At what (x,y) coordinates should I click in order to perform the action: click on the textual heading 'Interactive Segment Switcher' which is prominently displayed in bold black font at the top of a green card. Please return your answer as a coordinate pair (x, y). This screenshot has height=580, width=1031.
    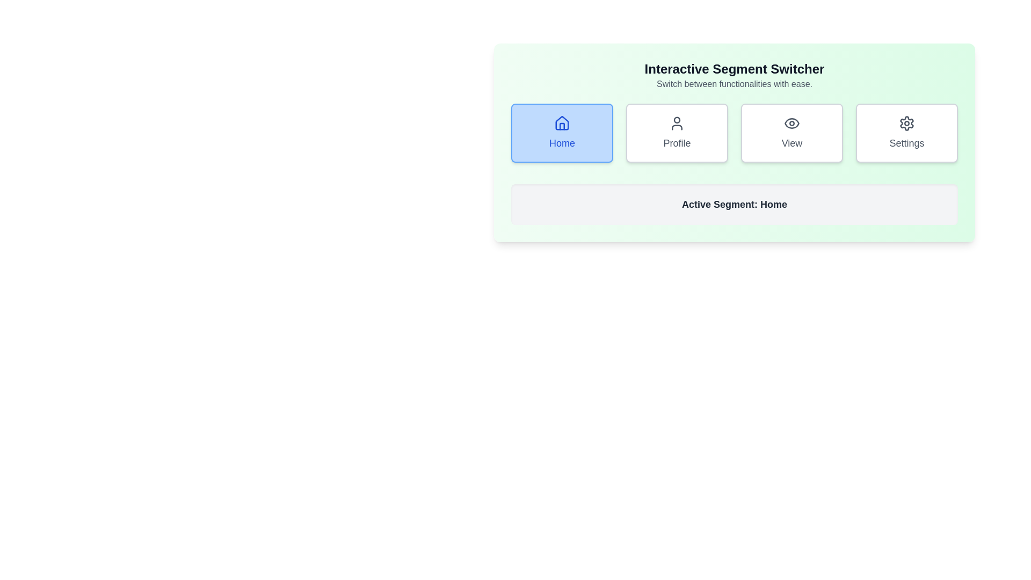
    Looking at the image, I should click on (734, 75).